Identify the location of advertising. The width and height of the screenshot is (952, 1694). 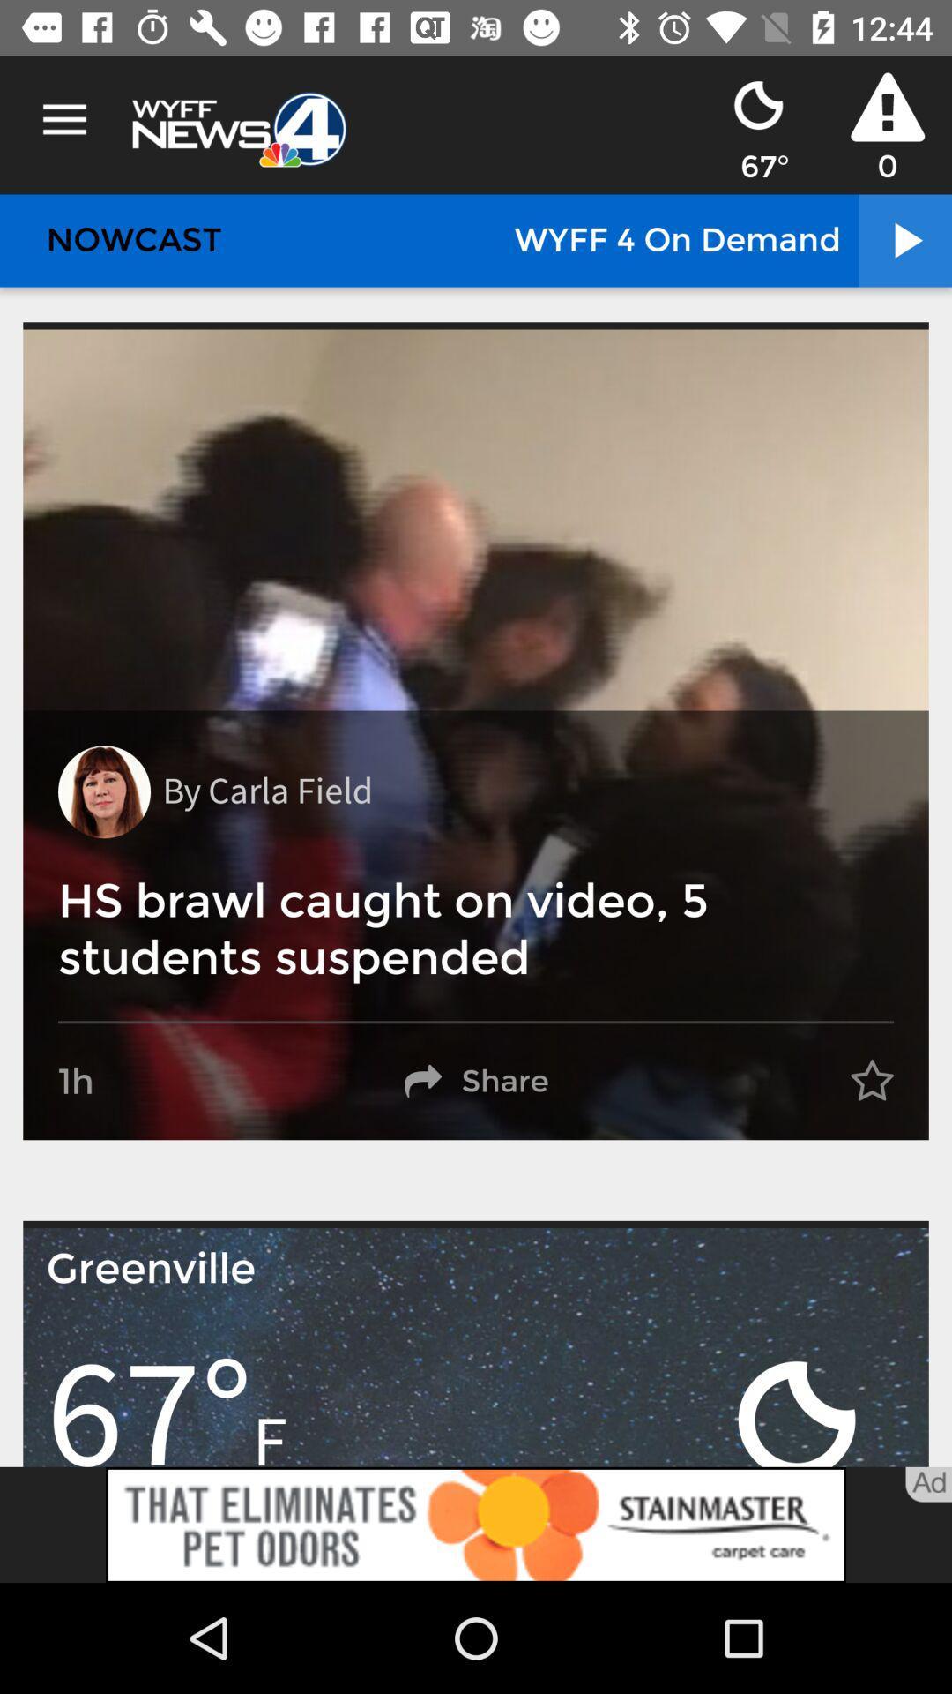
(476, 1524).